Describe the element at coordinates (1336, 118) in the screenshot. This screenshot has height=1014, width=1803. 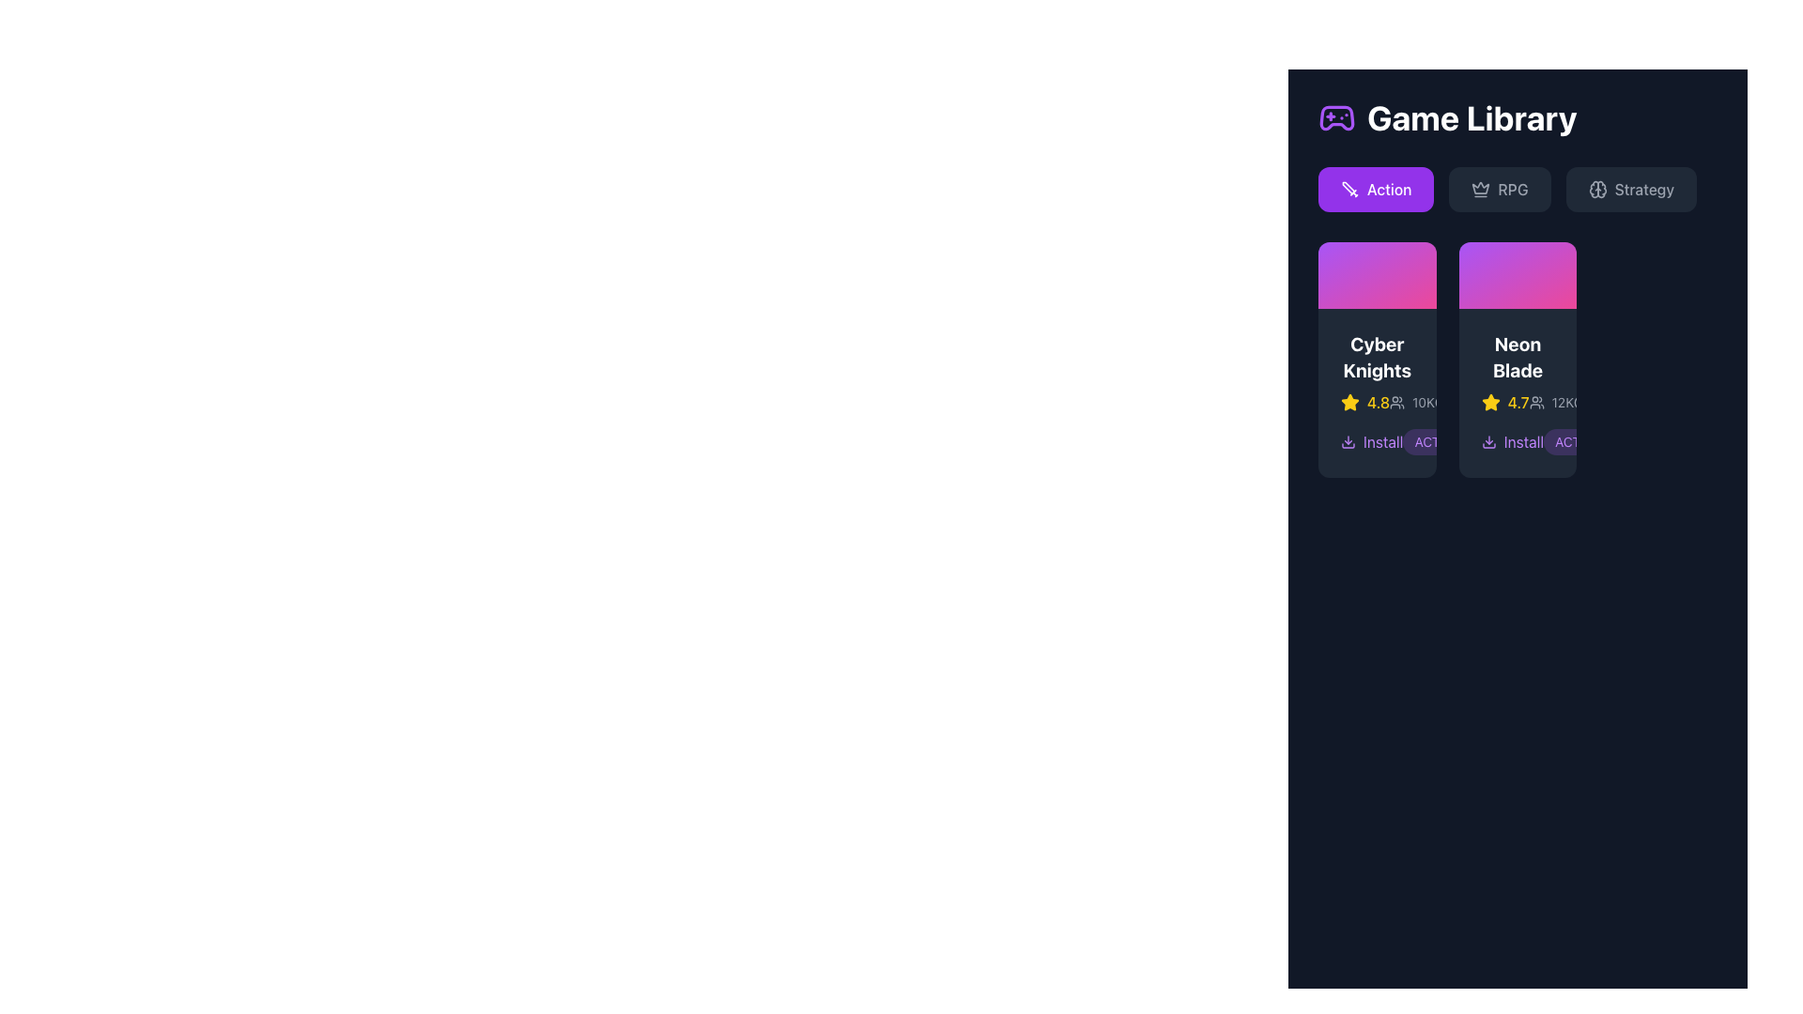
I see `the game library icon located to the left of the 'Game Library' title text, visually representing the game library section` at that location.